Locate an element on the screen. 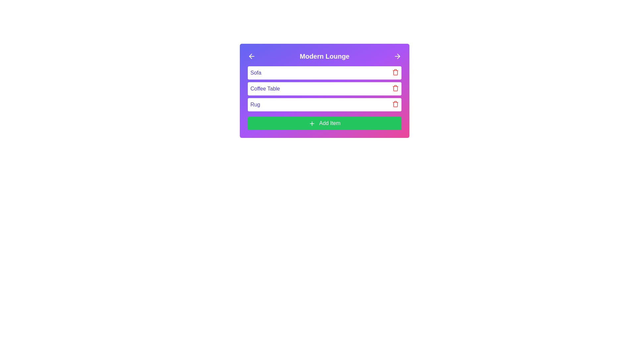 Image resolution: width=636 pixels, height=358 pixels. the red-bordered trash can icon located at the far right of the 'Rug' row is located at coordinates (396, 104).